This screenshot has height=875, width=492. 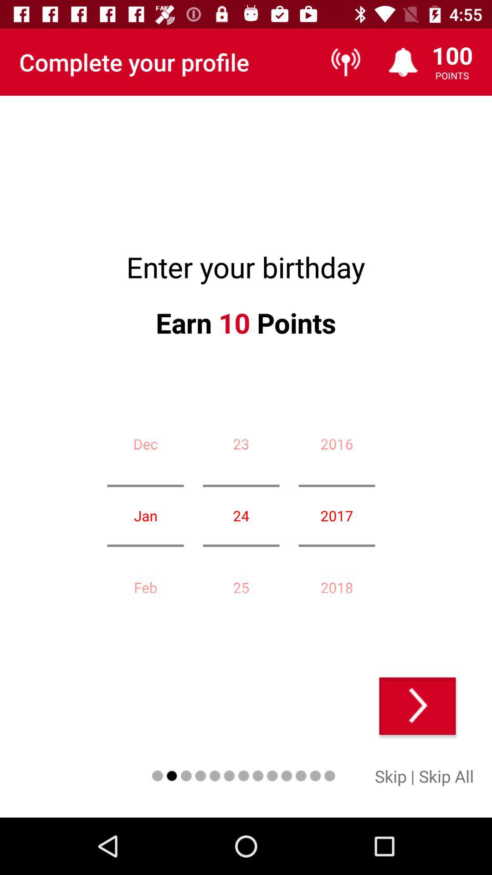 What do you see at coordinates (337, 515) in the screenshot?
I see `the text 2017` at bounding box center [337, 515].